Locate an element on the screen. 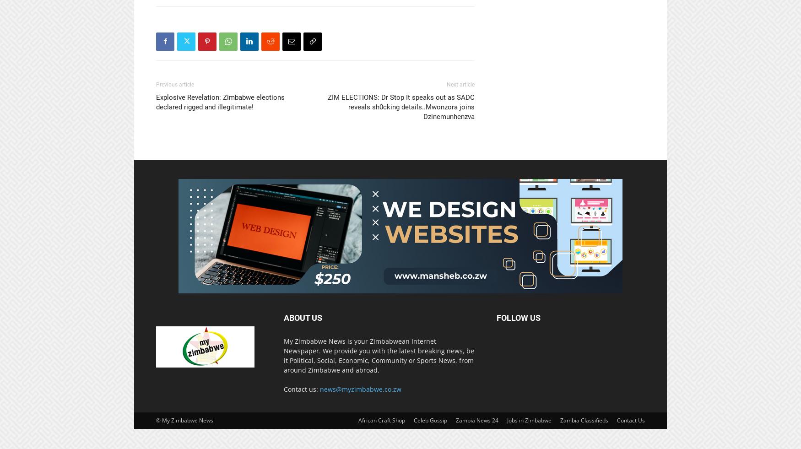  'Previous article' is located at coordinates (174, 84).